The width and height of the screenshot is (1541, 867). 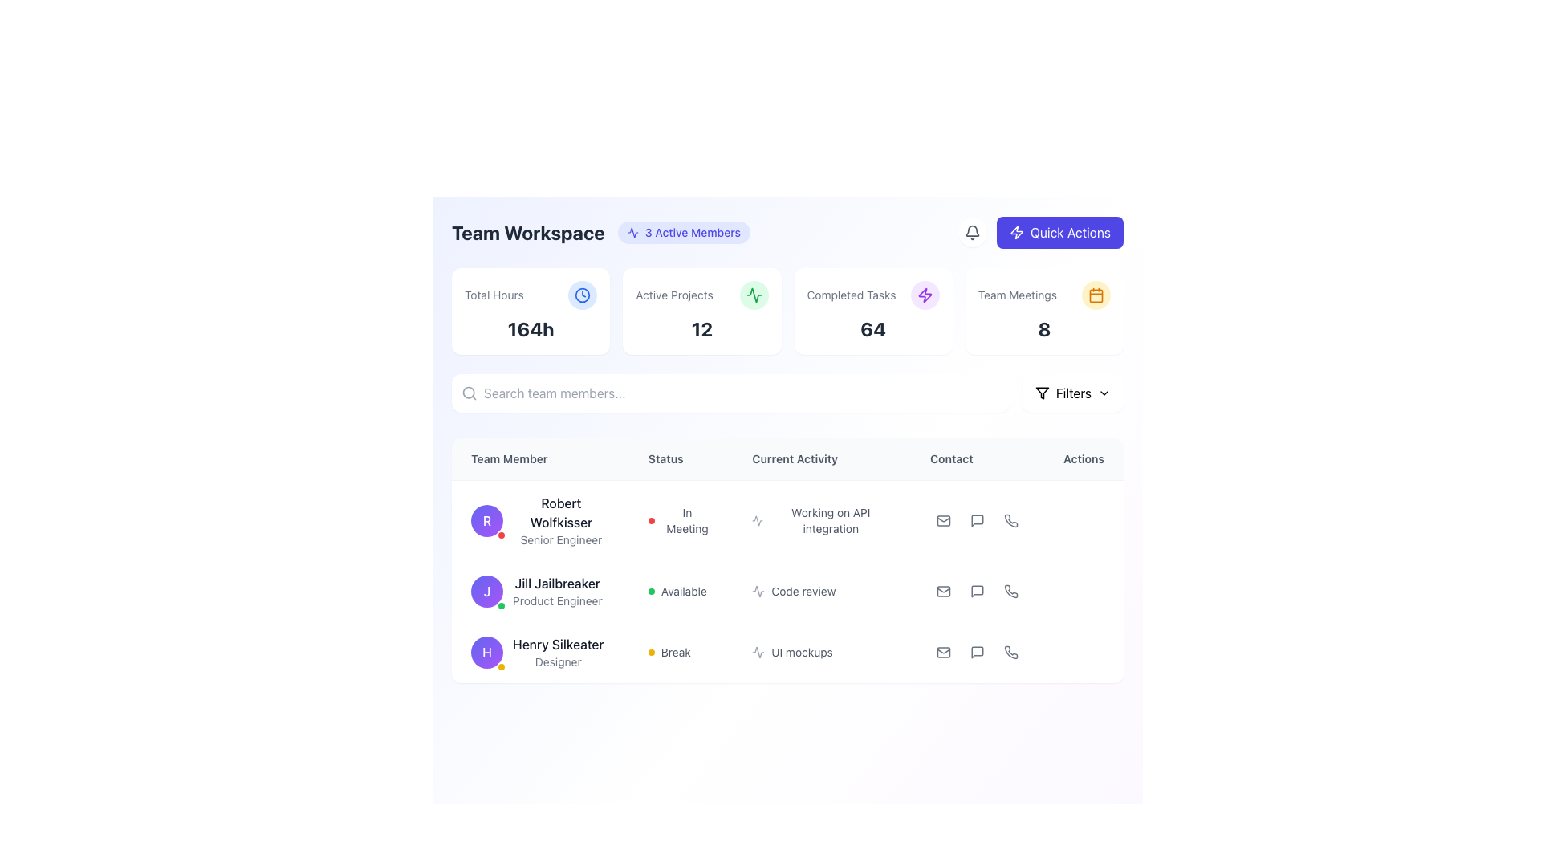 What do you see at coordinates (684, 591) in the screenshot?
I see `the status indicator text label for user 'Jill Jailbreaker' which shows that the user is currently 'Available.'` at bounding box center [684, 591].